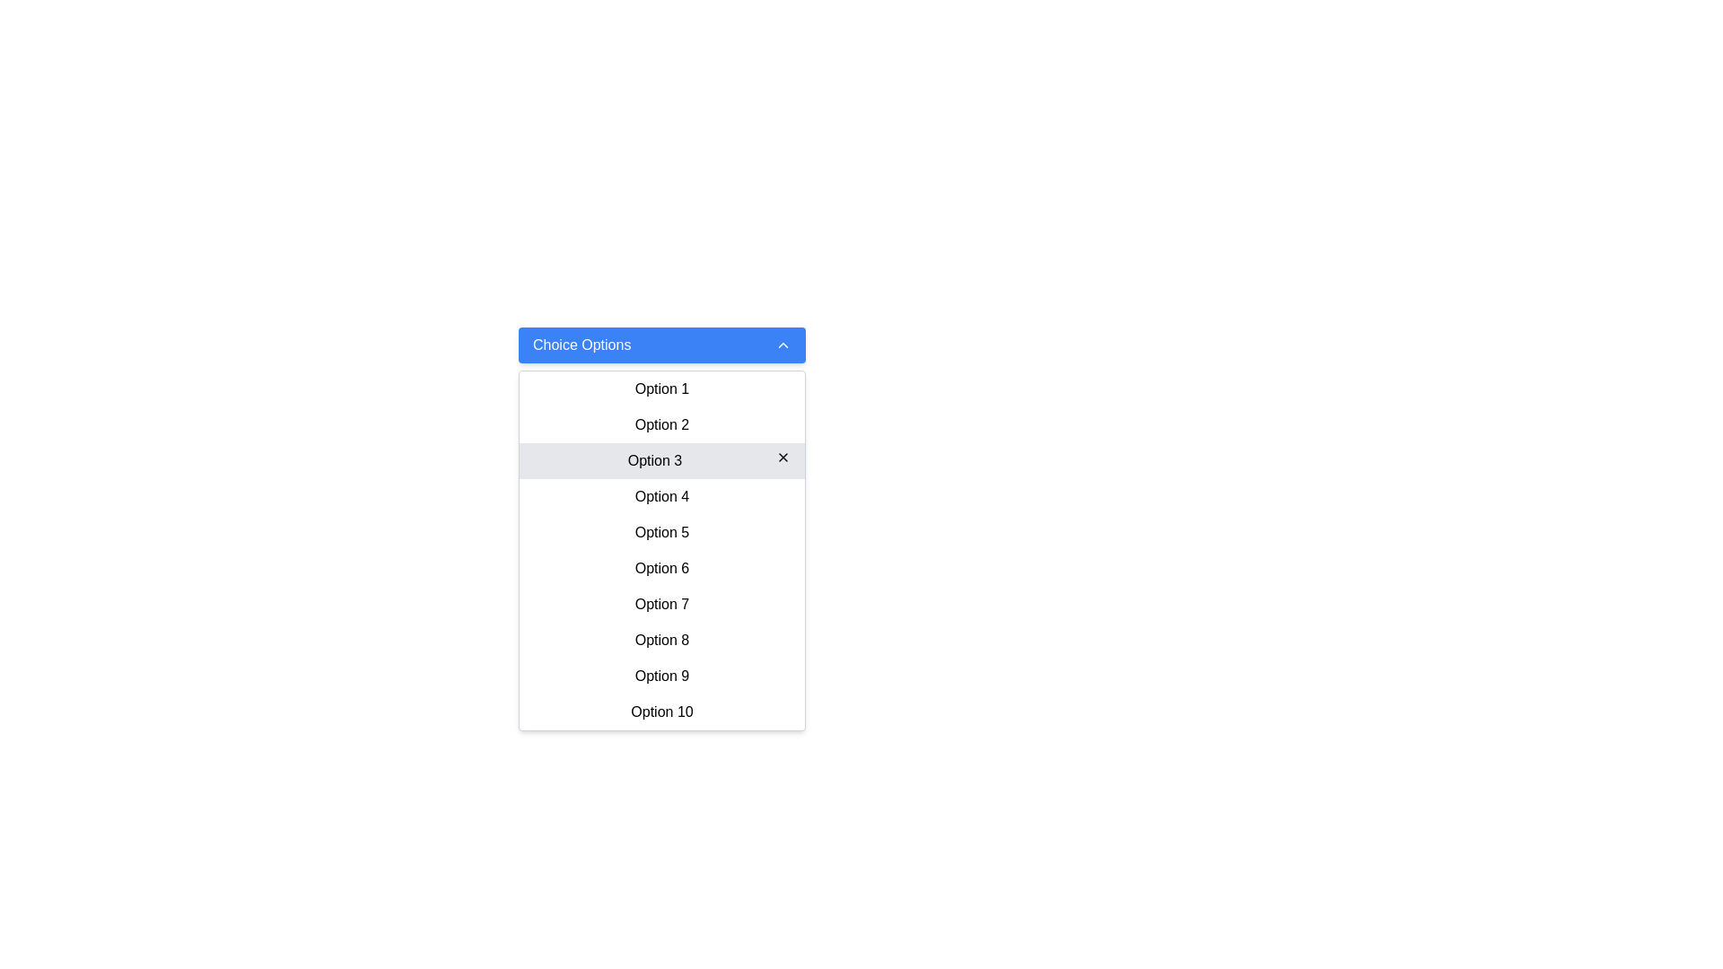  Describe the element at coordinates (653, 459) in the screenshot. I see `the text label displaying 'Option 3' in the third option row of the 'Choice Options' dropdown menu` at that location.